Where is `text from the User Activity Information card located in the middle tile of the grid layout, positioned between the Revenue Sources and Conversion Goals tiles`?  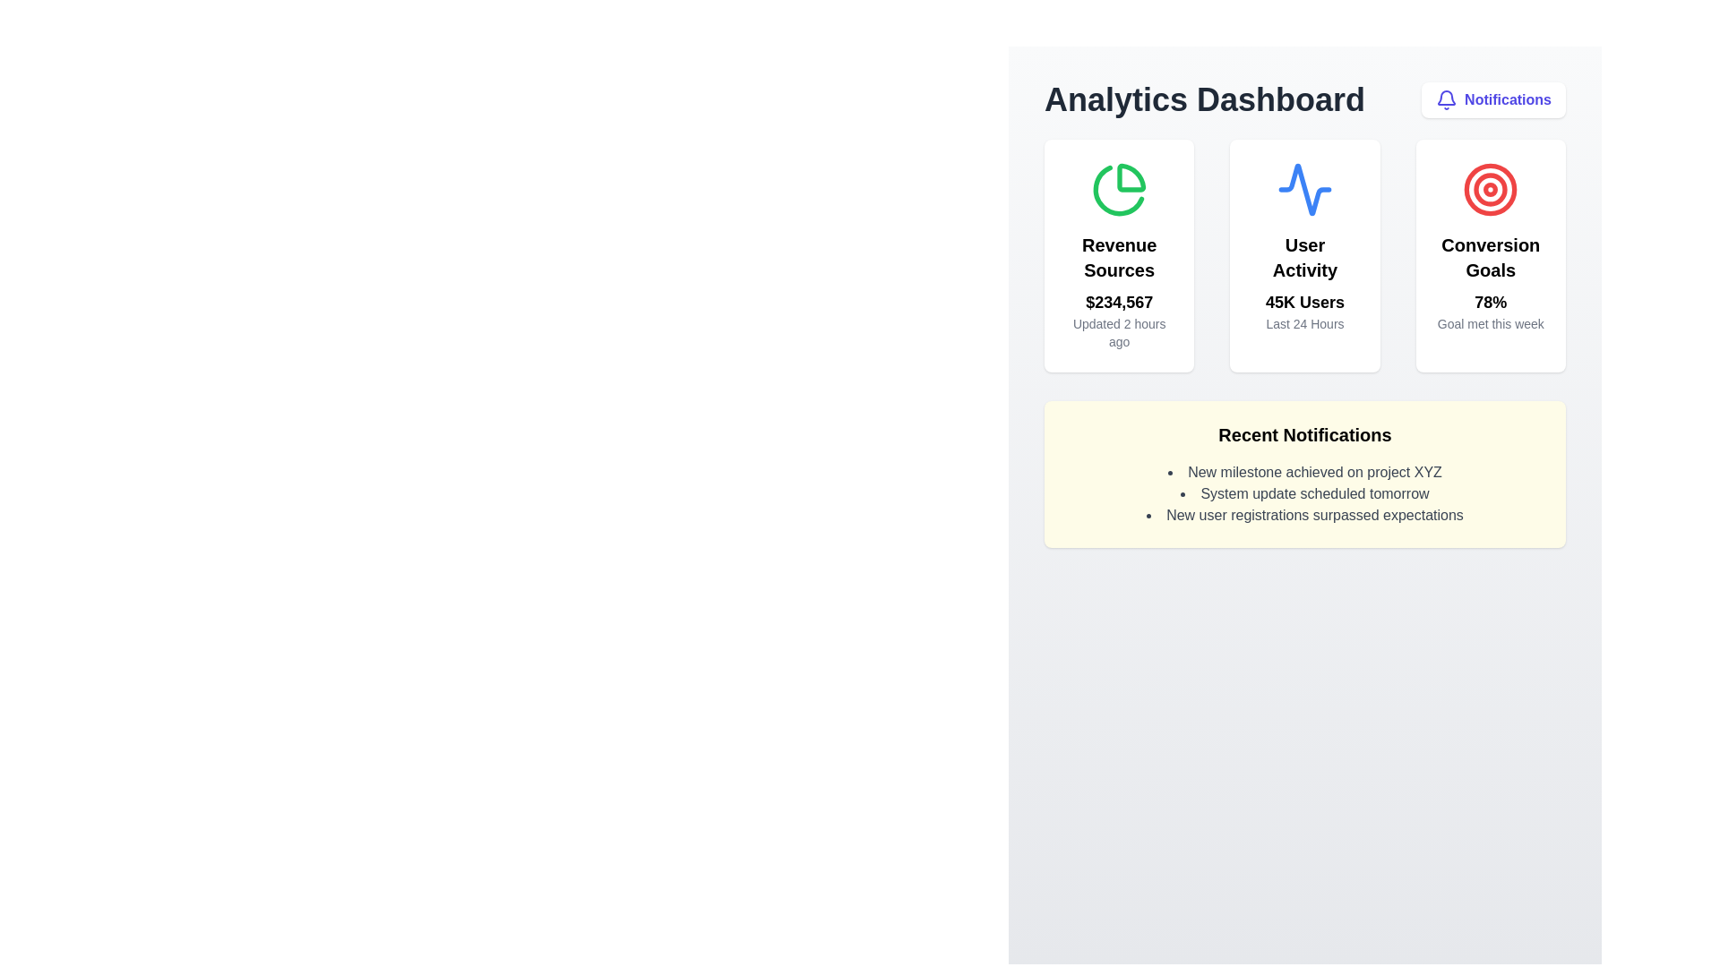 text from the User Activity Information card located in the middle tile of the grid layout, positioned between the Revenue Sources and Conversion Goals tiles is located at coordinates (1305, 255).